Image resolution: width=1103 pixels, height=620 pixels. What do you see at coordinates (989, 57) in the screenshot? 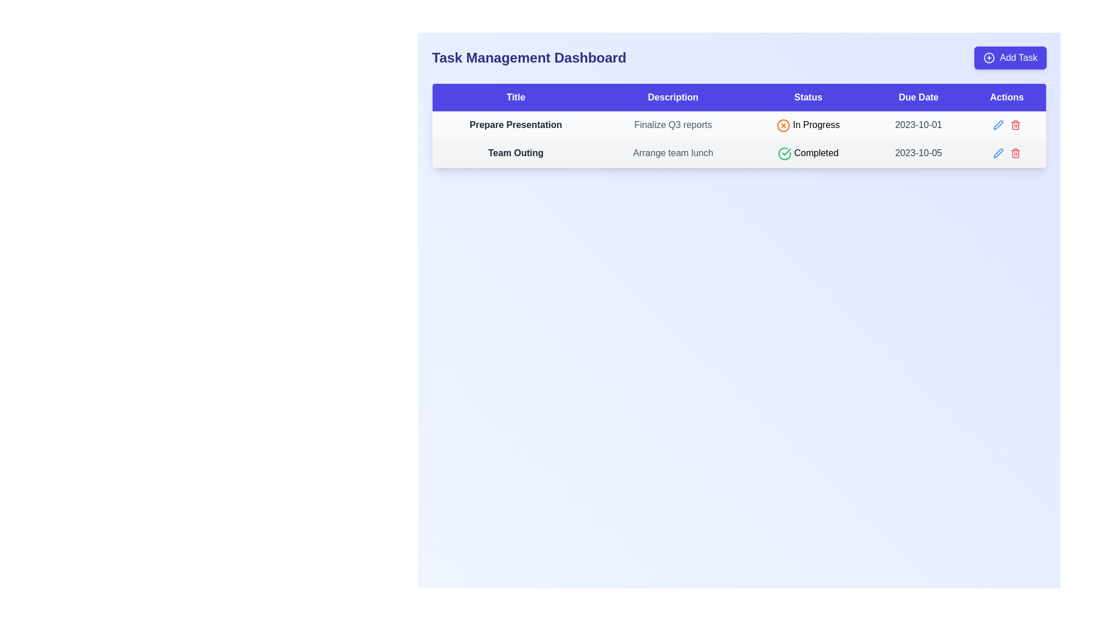
I see `the circular icon with a plus sign inside, located at the top right of the interface within the 'Add Task' button` at bounding box center [989, 57].